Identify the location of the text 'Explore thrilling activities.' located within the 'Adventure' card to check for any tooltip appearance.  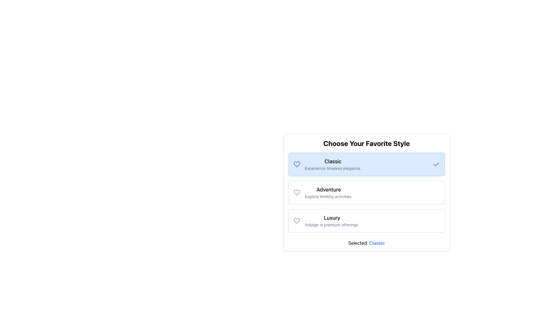
(329, 196).